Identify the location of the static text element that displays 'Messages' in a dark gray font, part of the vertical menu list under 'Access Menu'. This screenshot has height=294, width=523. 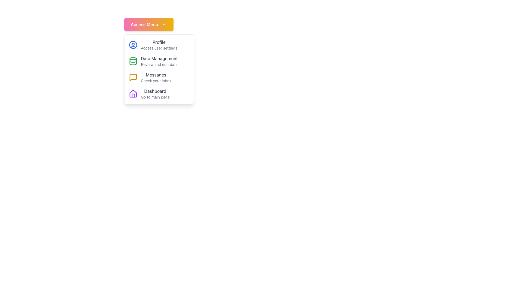
(156, 75).